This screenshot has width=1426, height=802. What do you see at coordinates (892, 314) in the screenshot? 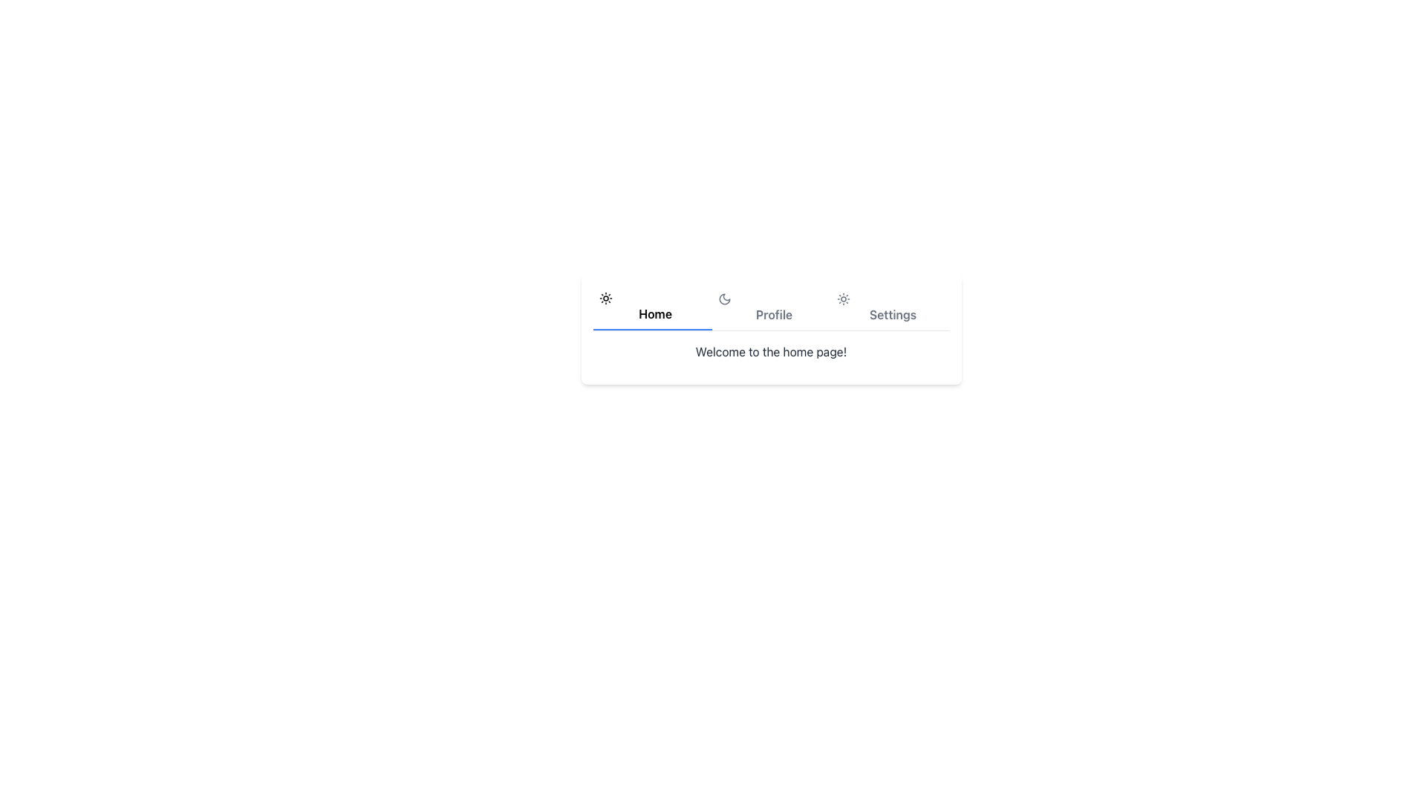
I see `the 'Settings' text label in the top-right portion of the navigation bar to potentially trigger a tooltip or style change` at bounding box center [892, 314].